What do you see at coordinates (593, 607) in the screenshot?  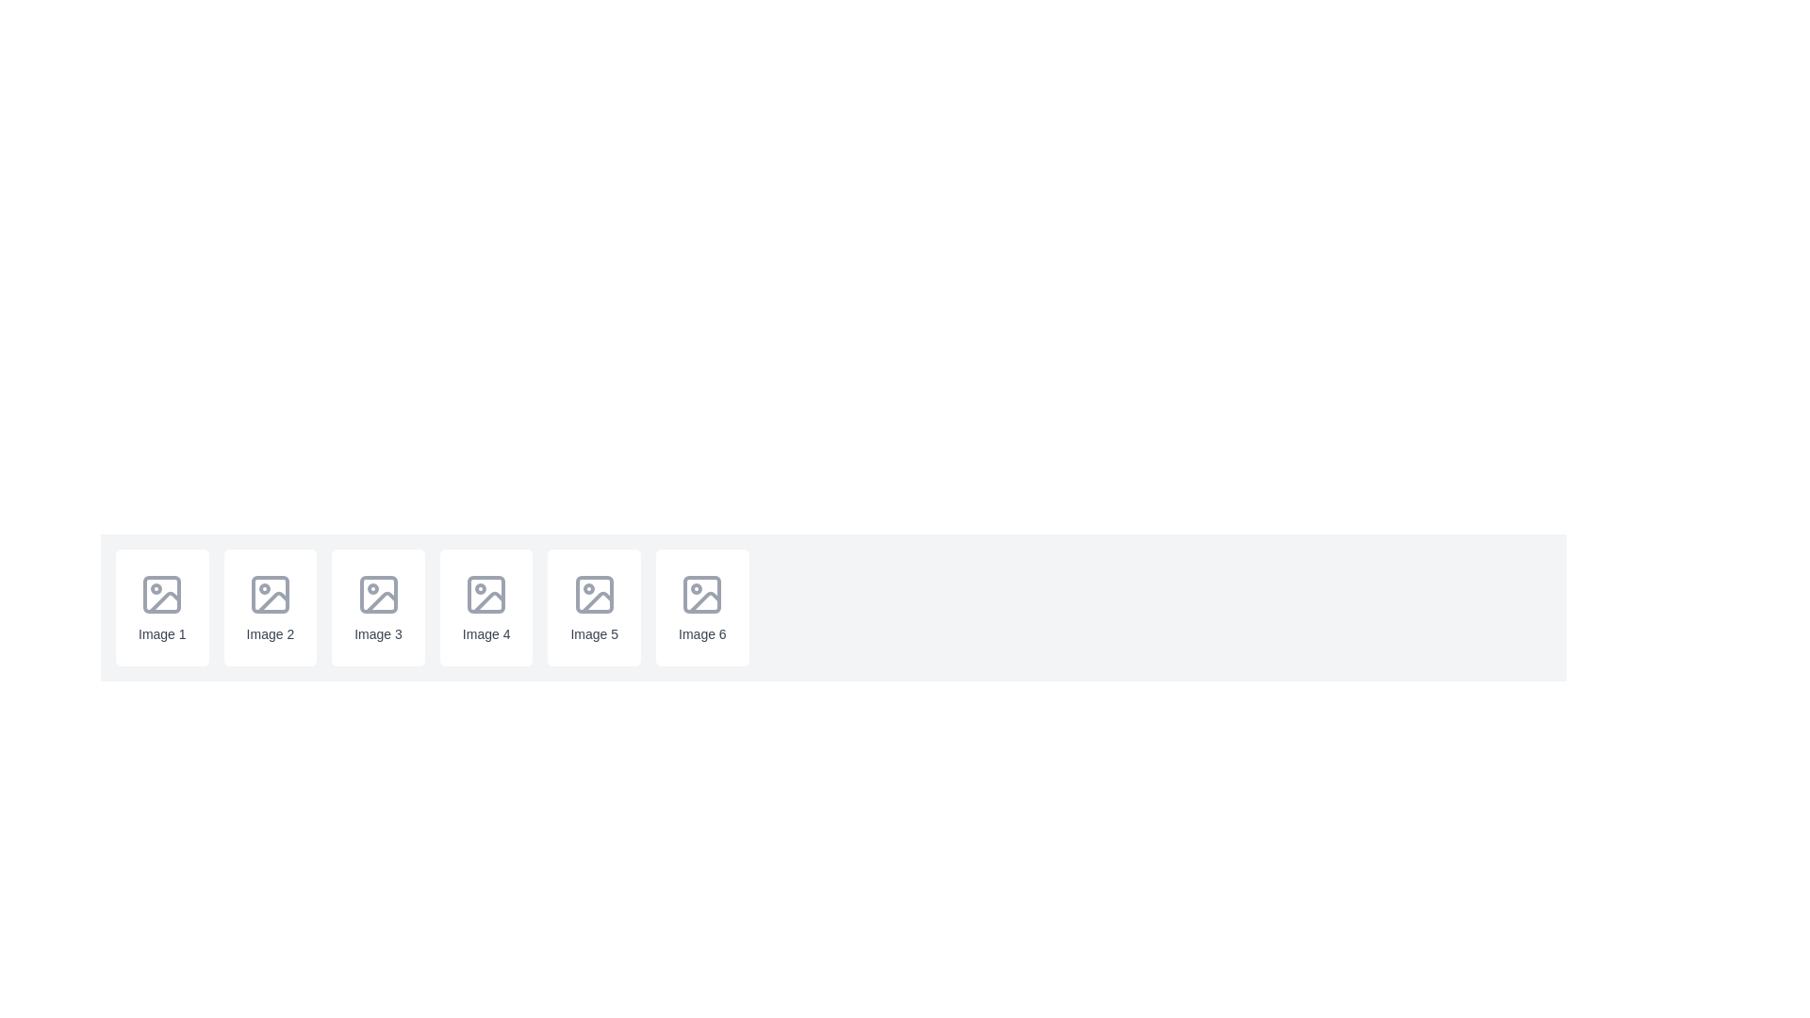 I see `the icon representing 'Image 5'` at bounding box center [593, 607].